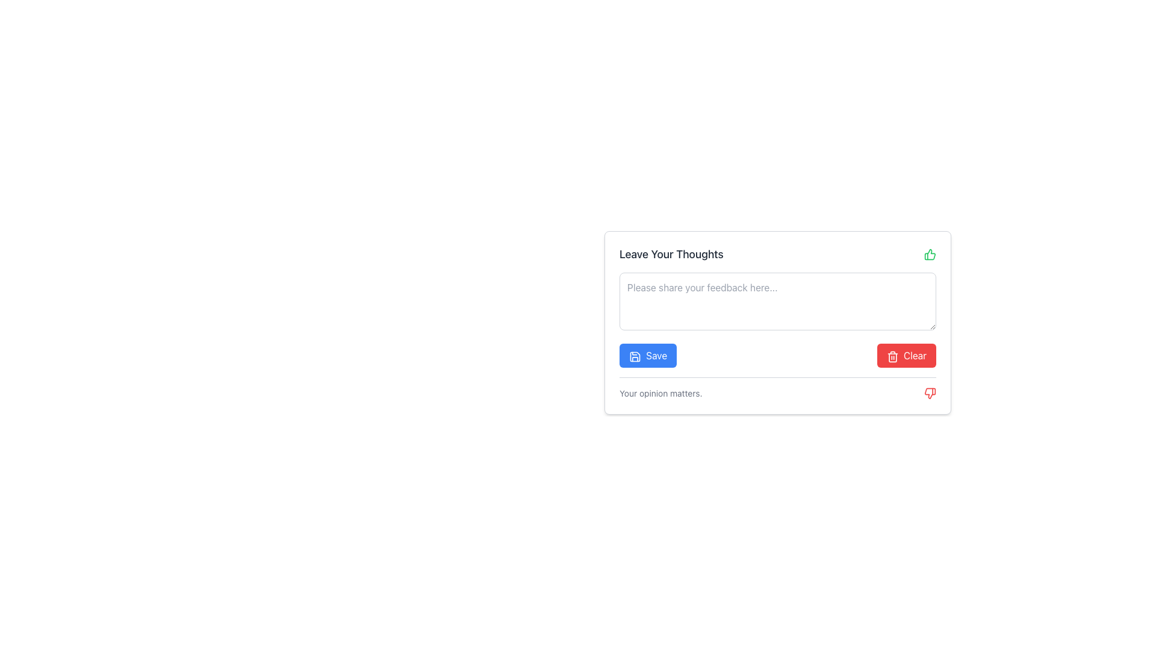 The width and height of the screenshot is (1156, 650). Describe the element at coordinates (635, 355) in the screenshot. I see `the 'Save' graphic icon` at that location.